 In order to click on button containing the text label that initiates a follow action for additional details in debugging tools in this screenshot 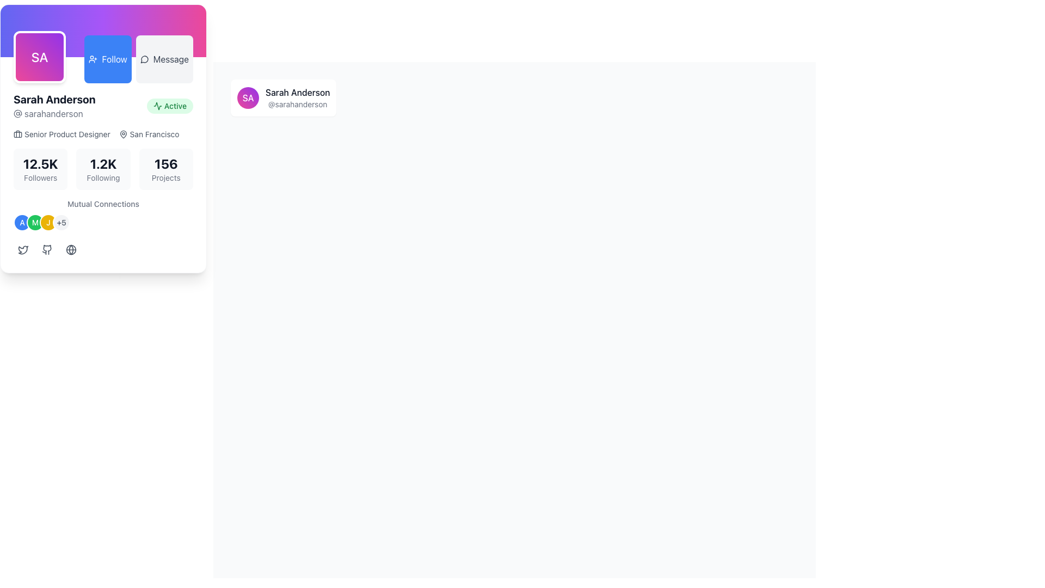, I will do `click(114, 59)`.